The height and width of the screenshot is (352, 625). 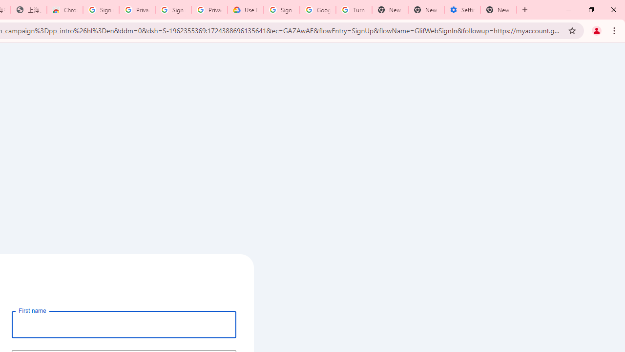 I want to click on 'Close', so click(x=613, y=10).